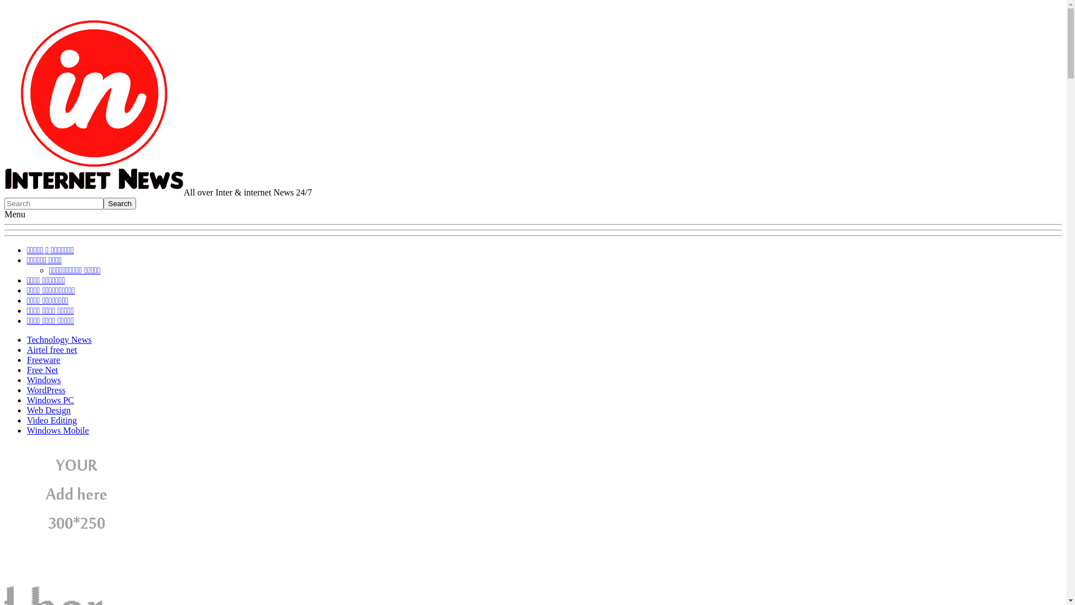 The image size is (1075, 605). Describe the element at coordinates (94, 192) in the screenshot. I see `'Internet News | in.com.BD'` at that location.